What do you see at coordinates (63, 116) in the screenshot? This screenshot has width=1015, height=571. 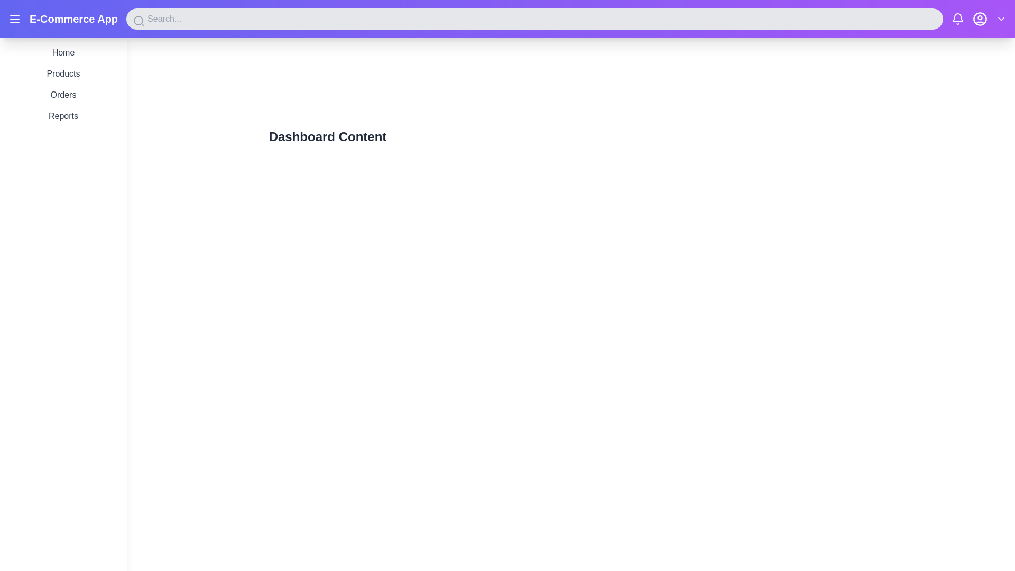 I see `the 'Reports' text link in the sidebar to observe a color change` at bounding box center [63, 116].